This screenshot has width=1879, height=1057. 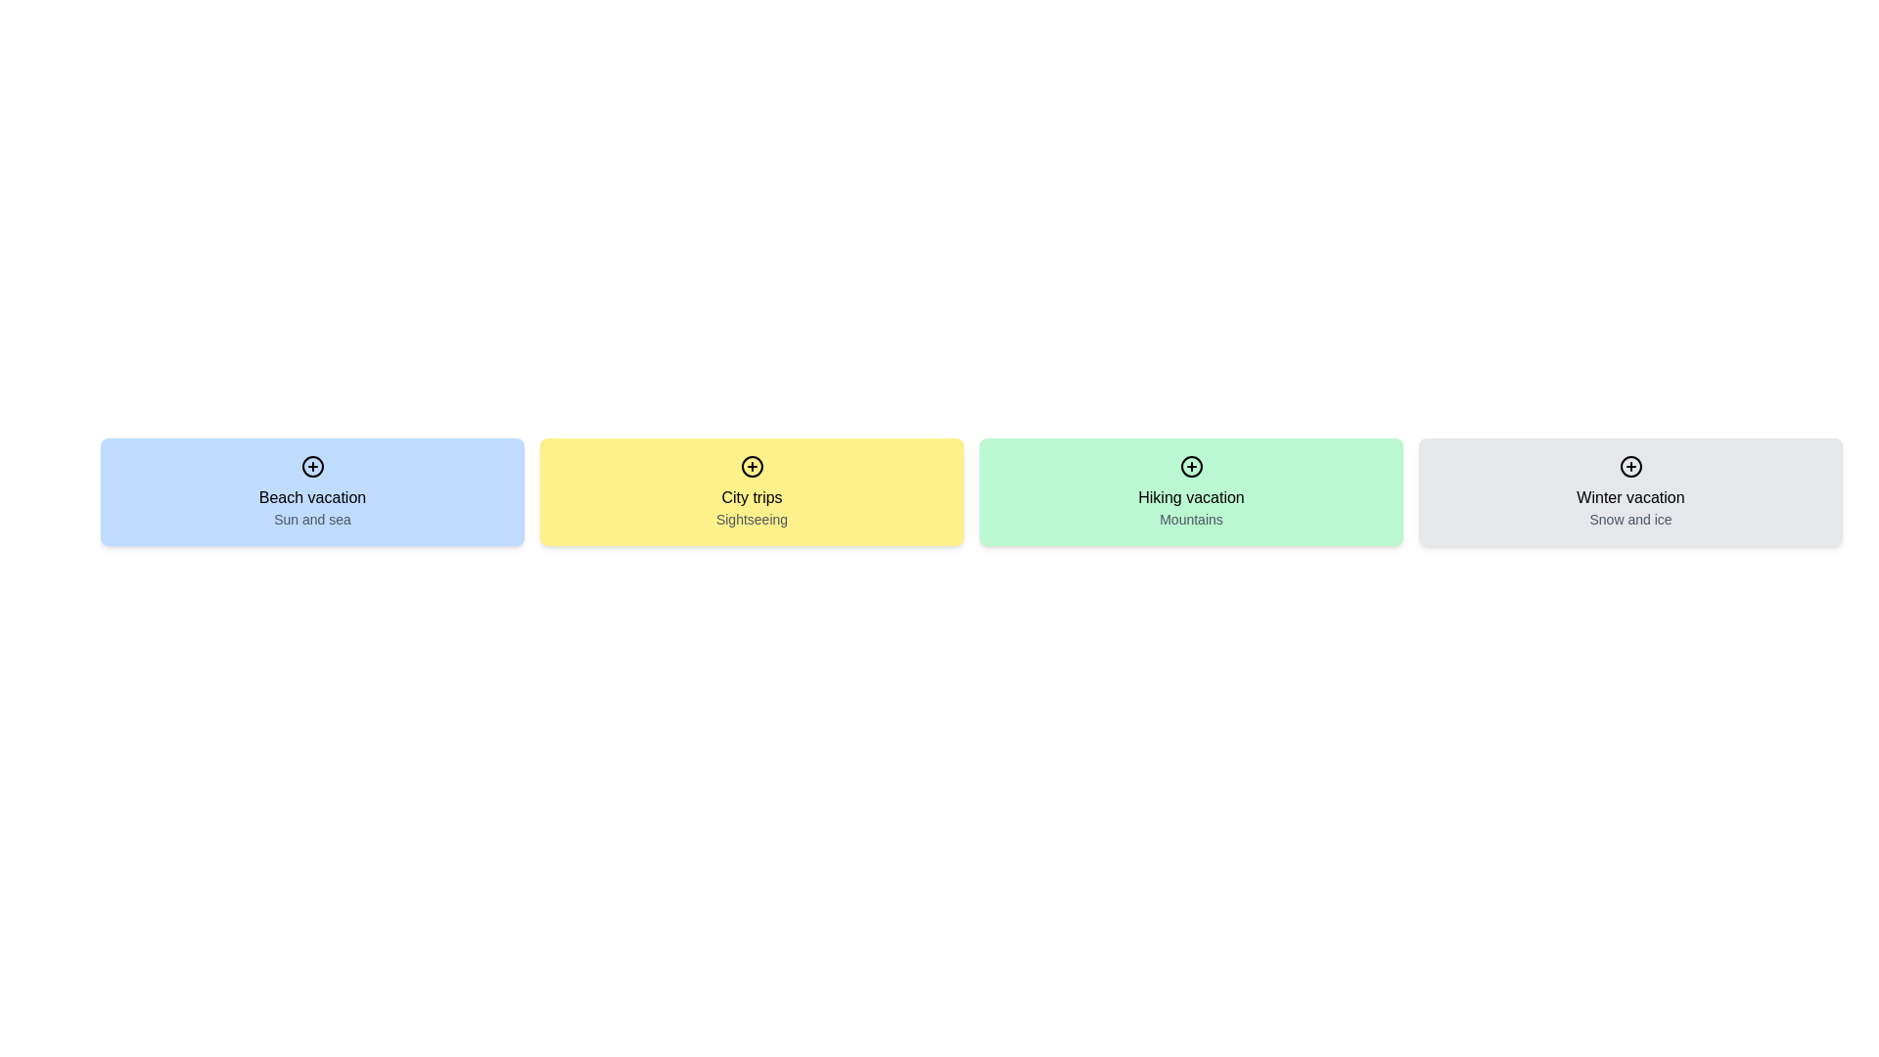 What do you see at coordinates (311, 490) in the screenshot?
I see `the first card in the horizontal grid layout, which has a light blue background and contains the title 'Beach vacation' and a plus icon` at bounding box center [311, 490].